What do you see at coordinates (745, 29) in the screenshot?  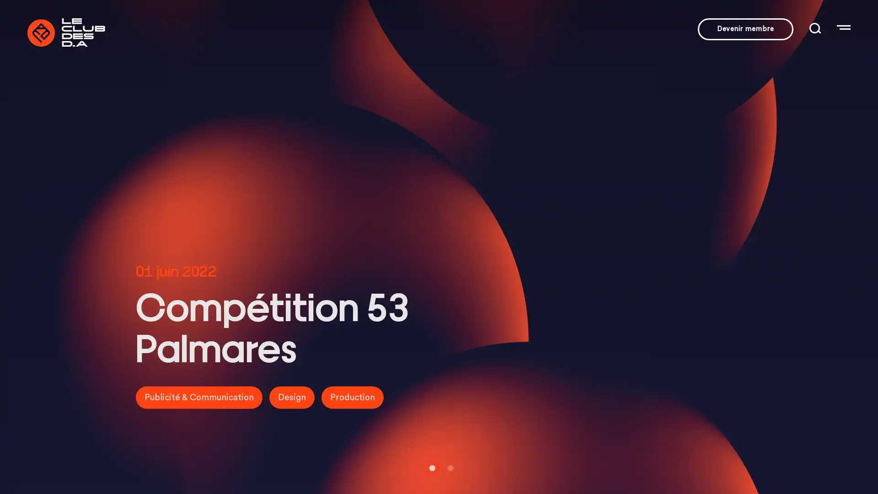 I see `Devenir membre` at bounding box center [745, 29].